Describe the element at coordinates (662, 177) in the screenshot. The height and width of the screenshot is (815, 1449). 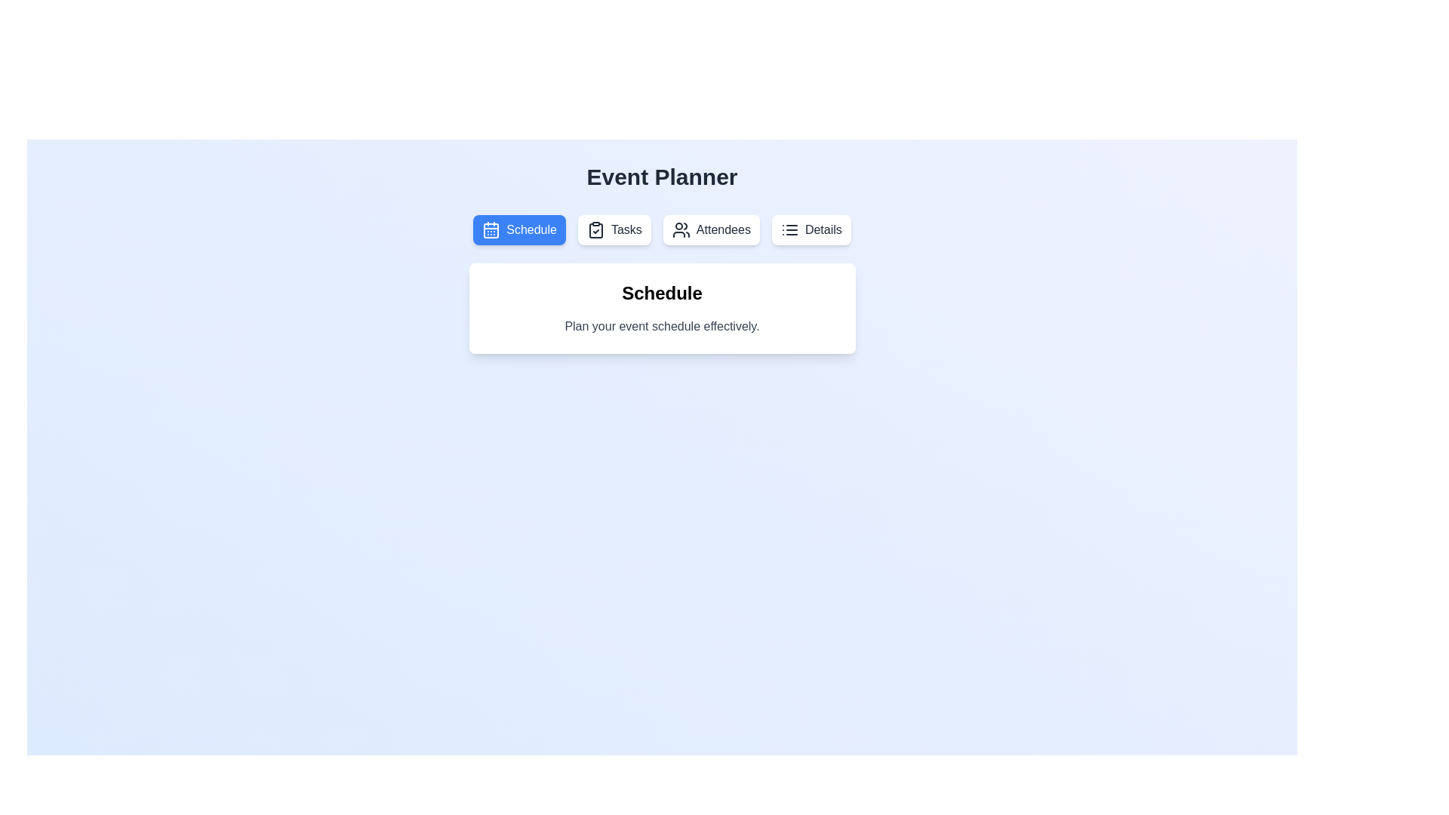
I see `the header text 'Event Planner' by dragging the mouse over it` at that location.